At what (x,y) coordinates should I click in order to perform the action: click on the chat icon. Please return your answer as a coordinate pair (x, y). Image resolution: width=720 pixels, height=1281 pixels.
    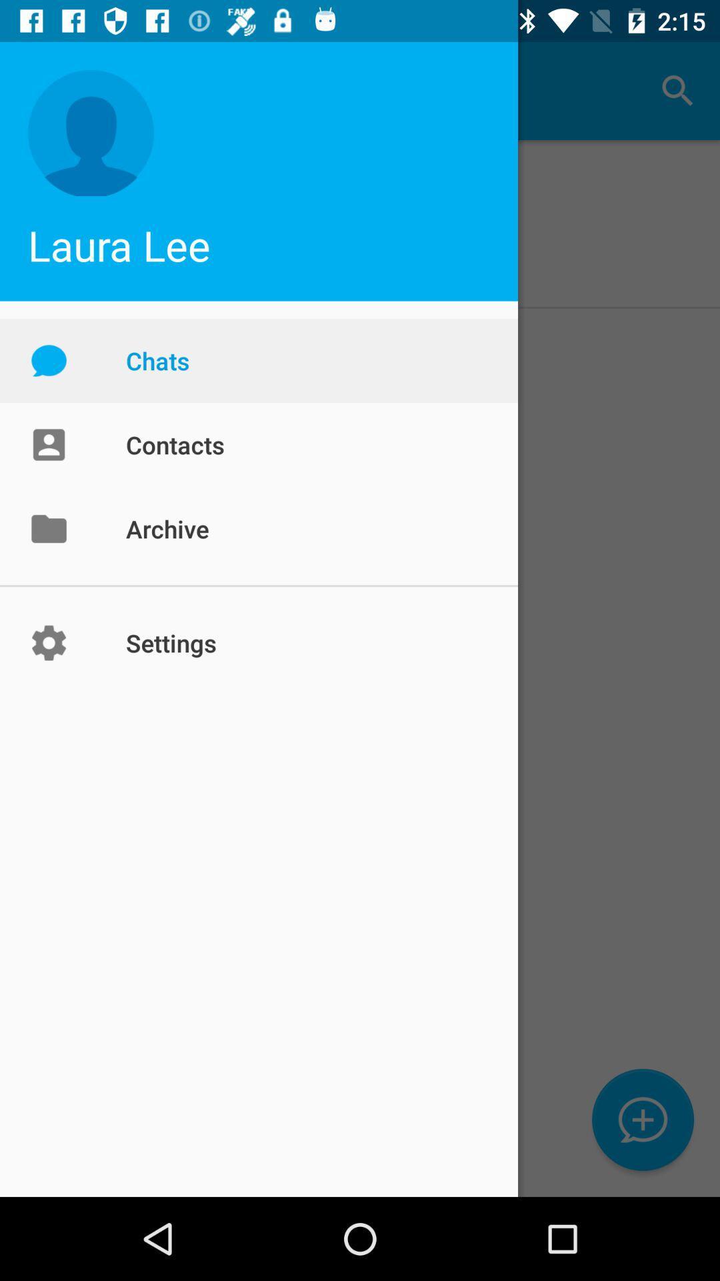
    Looking at the image, I should click on (642, 1120).